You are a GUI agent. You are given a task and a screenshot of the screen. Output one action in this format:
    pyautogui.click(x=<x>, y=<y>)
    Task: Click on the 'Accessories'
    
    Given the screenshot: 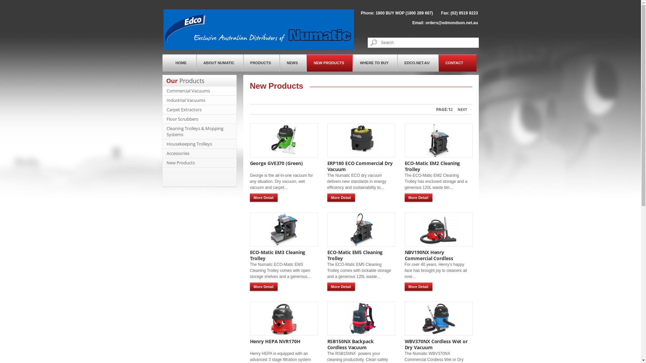 What is the action you would take?
    pyautogui.click(x=178, y=153)
    